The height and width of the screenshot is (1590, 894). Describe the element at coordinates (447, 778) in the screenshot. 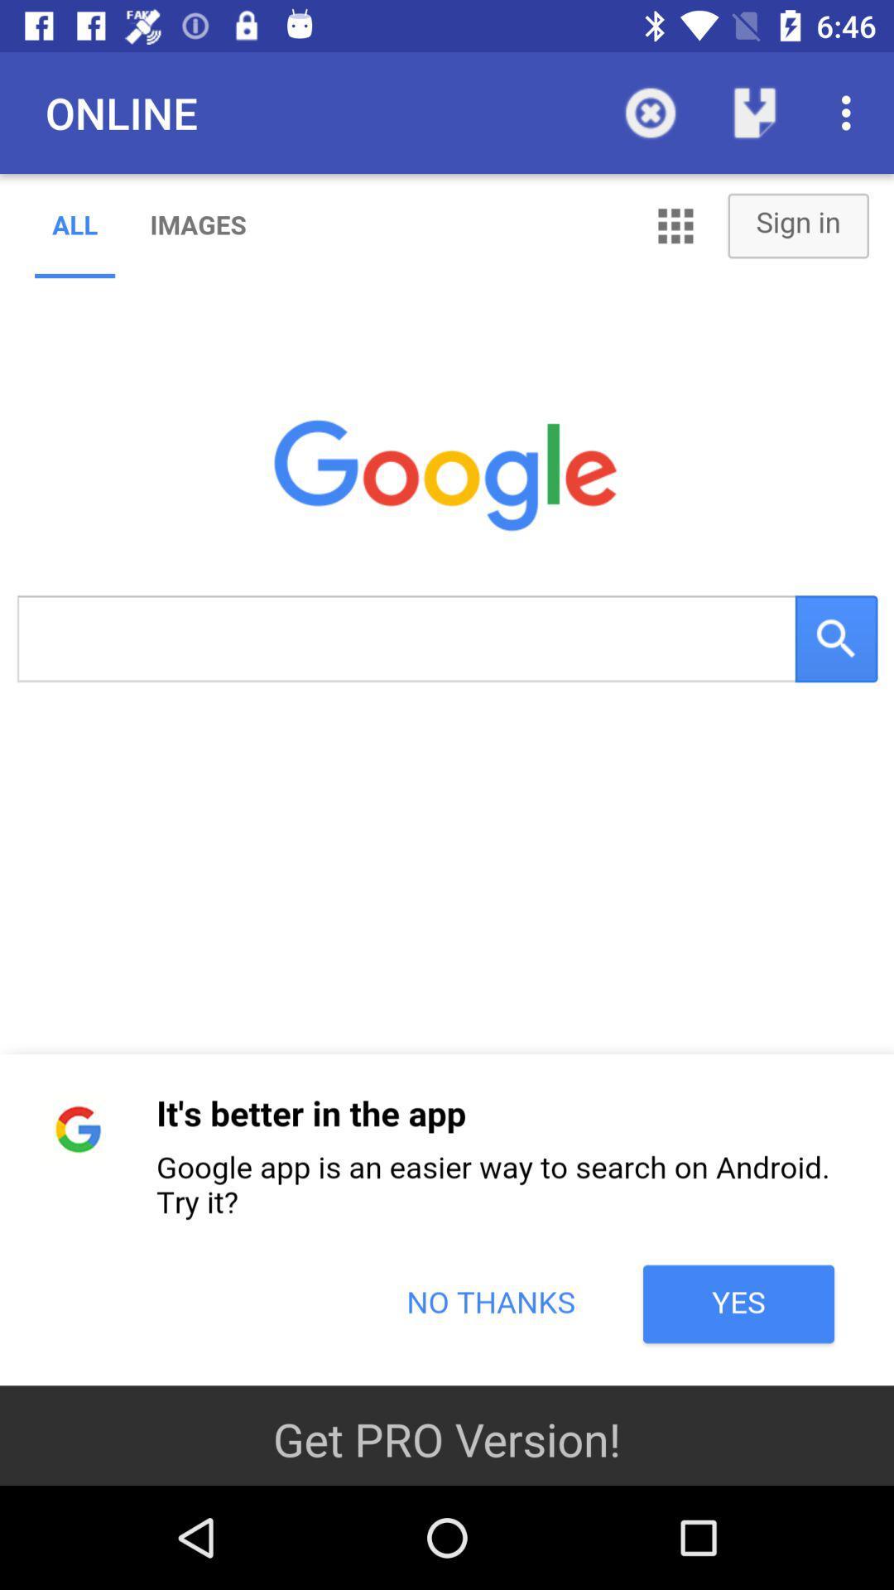

I see `google search` at that location.